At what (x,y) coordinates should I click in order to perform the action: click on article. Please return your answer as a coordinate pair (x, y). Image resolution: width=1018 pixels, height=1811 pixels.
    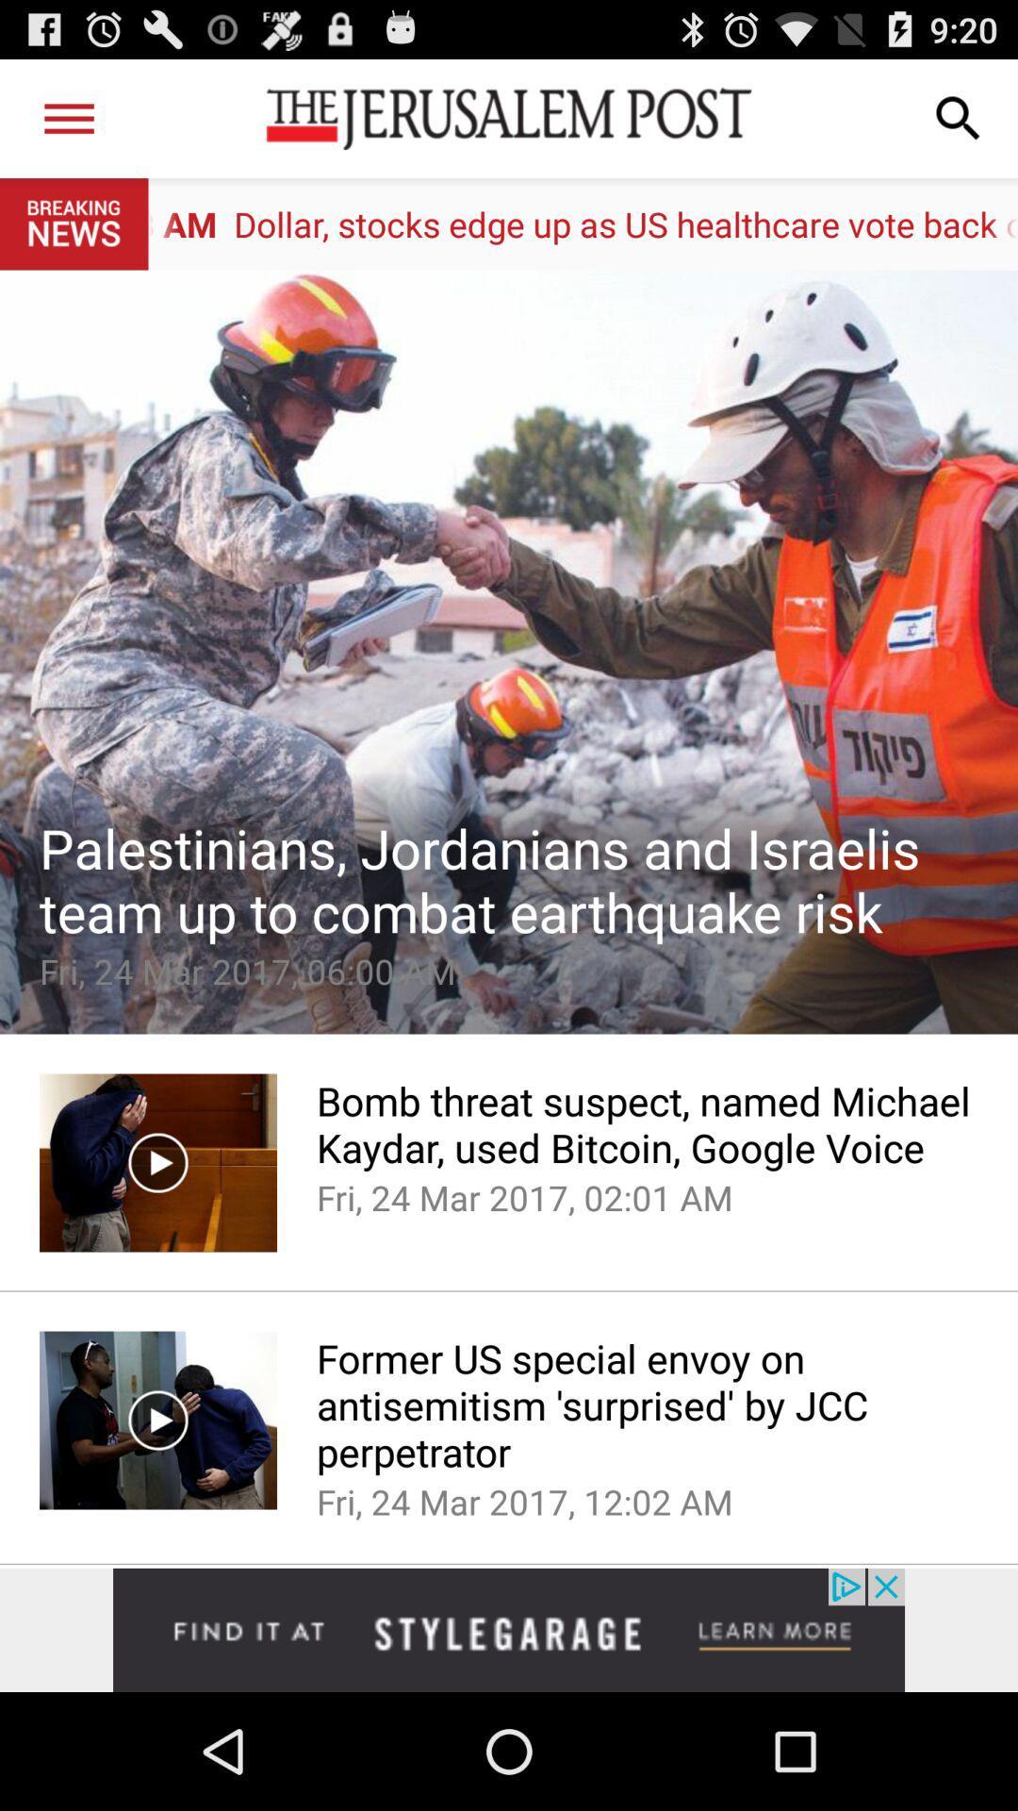
    Looking at the image, I should click on (509, 652).